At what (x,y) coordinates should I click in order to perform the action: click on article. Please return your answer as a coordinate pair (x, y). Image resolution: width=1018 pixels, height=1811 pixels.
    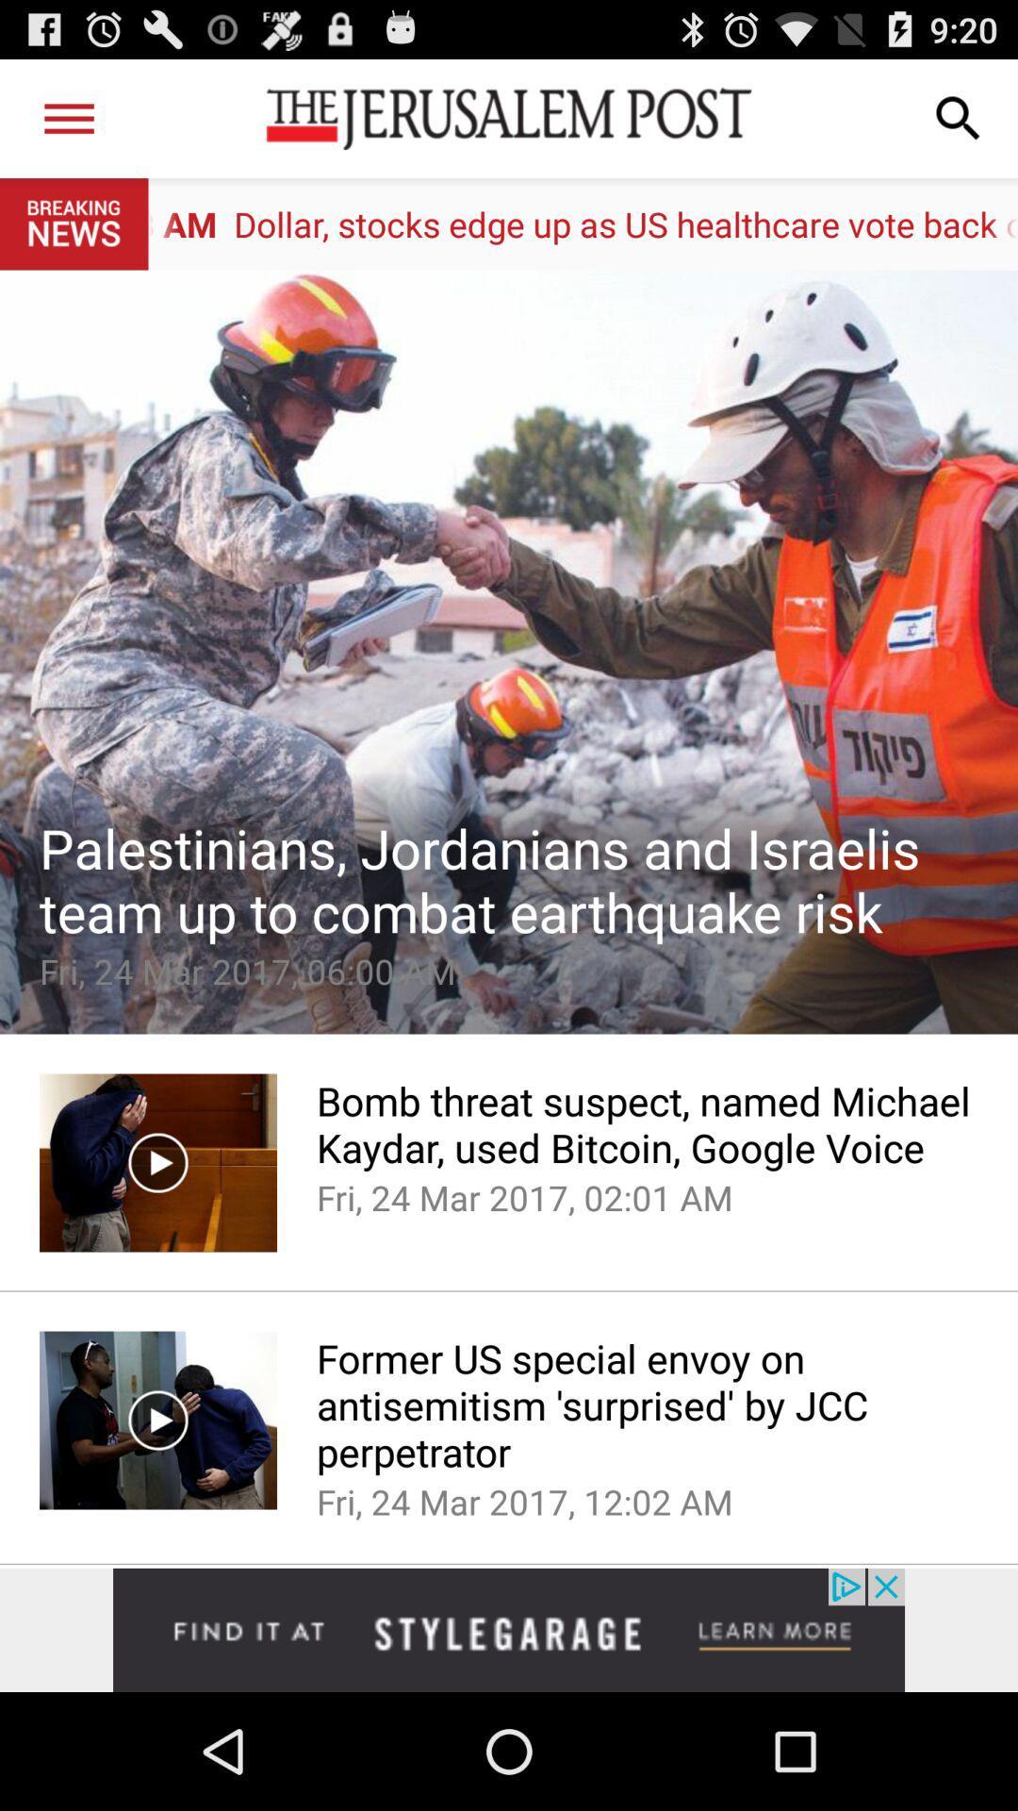
    Looking at the image, I should click on (509, 652).